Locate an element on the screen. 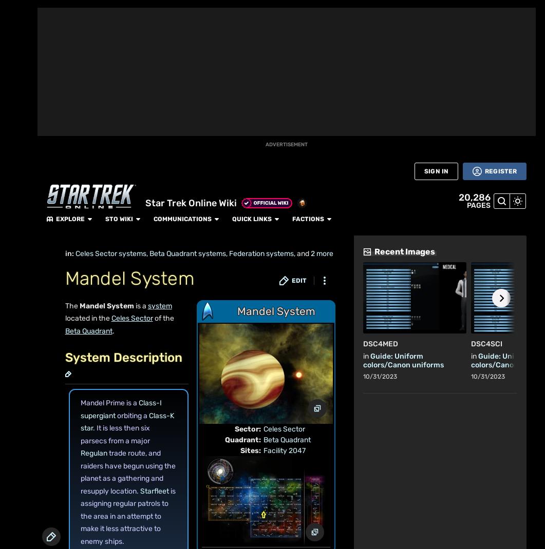  'STO wiki' is located at coordinates (208, 11).